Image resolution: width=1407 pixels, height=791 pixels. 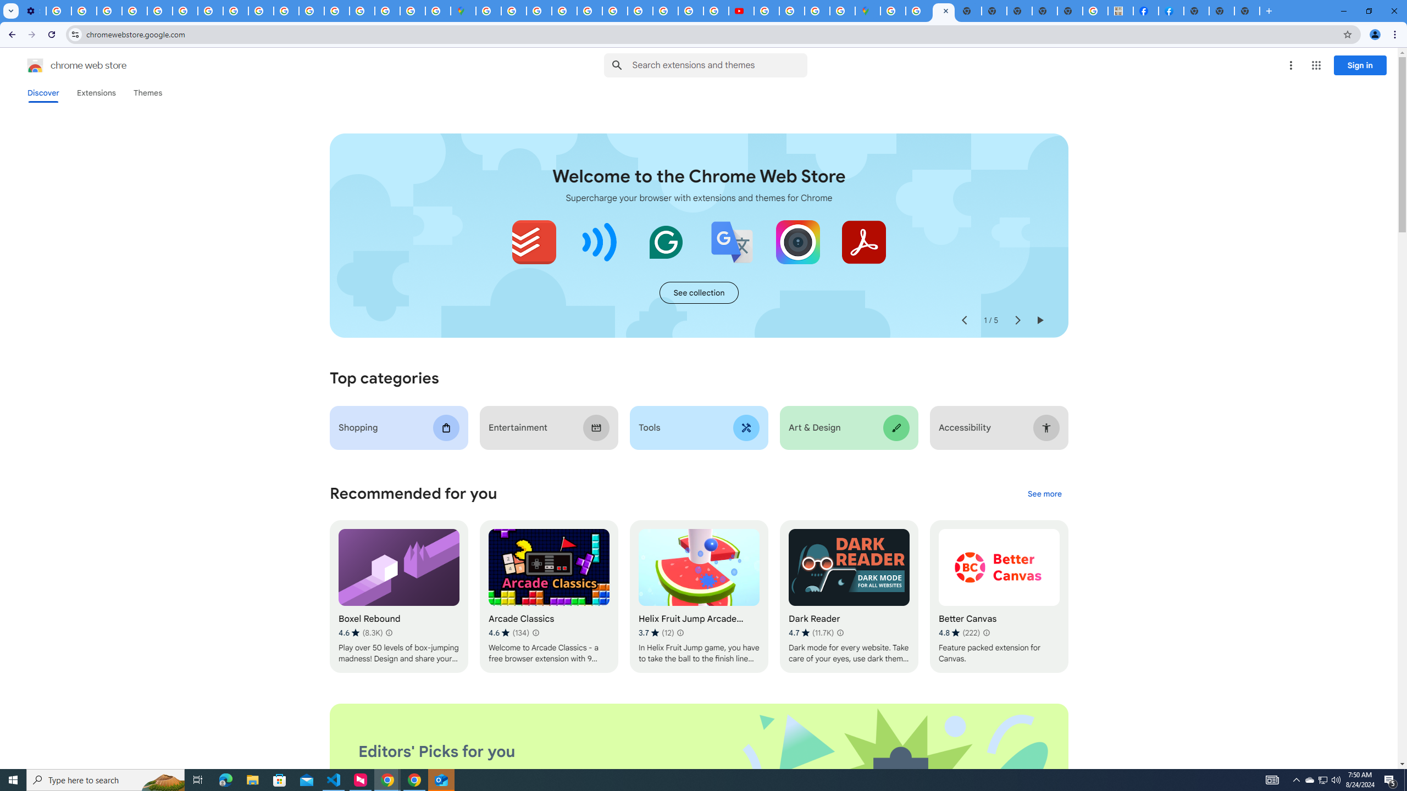 What do you see at coordinates (508, 633) in the screenshot?
I see `'Average rating 4.6 out of 5 stars. 134 ratings.'` at bounding box center [508, 633].